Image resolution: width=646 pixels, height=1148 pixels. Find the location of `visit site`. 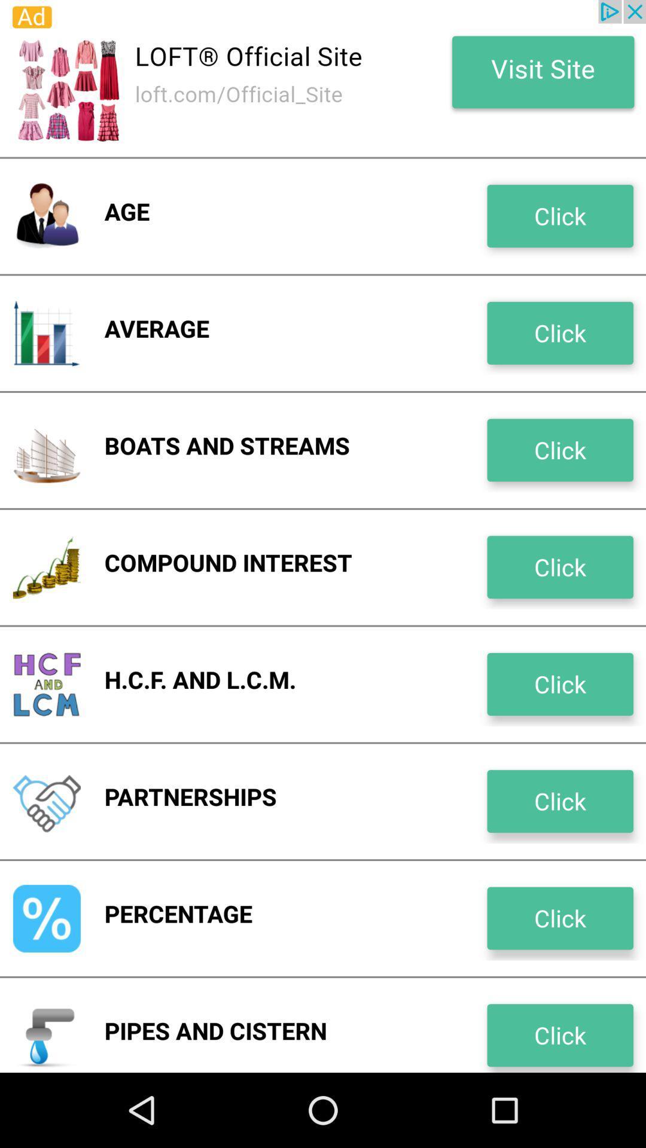

visit site is located at coordinates (323, 78).